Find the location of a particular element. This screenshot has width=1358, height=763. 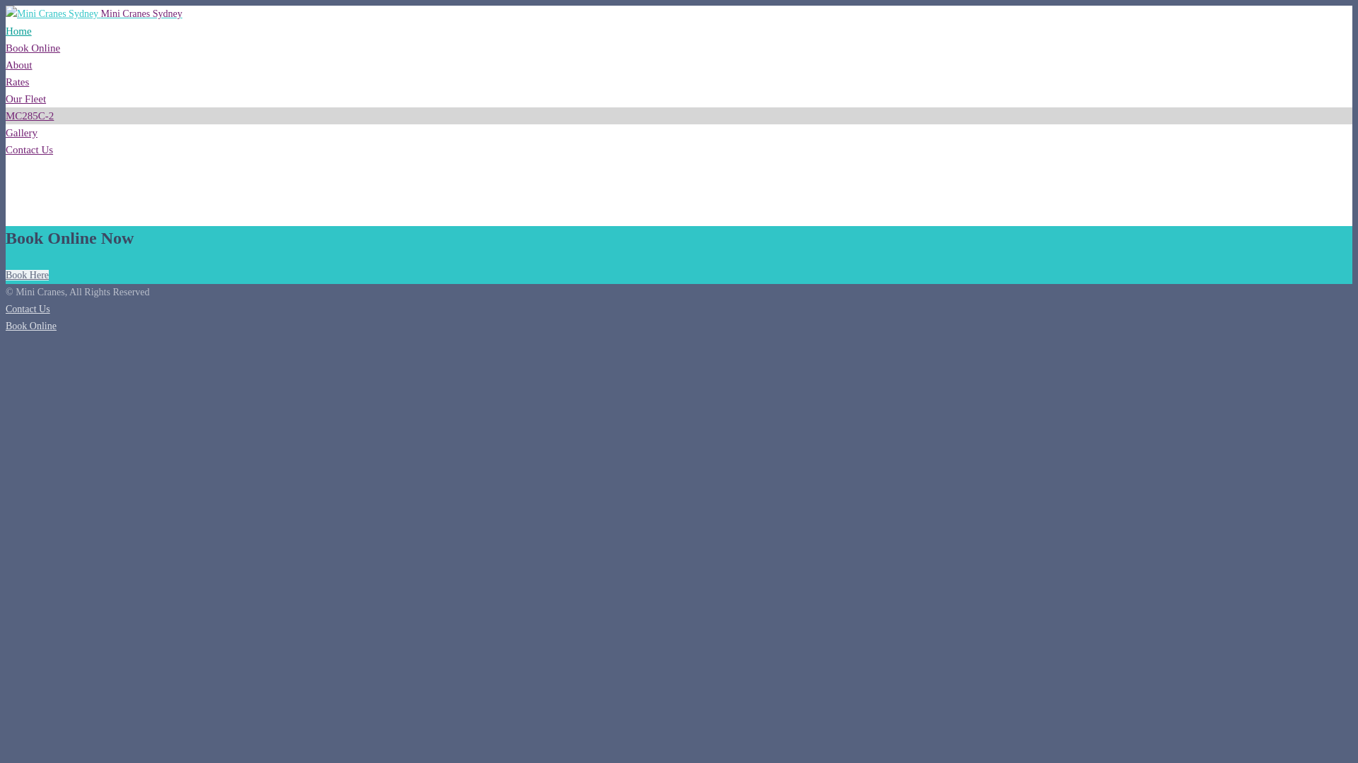

'About' is located at coordinates (6, 65).